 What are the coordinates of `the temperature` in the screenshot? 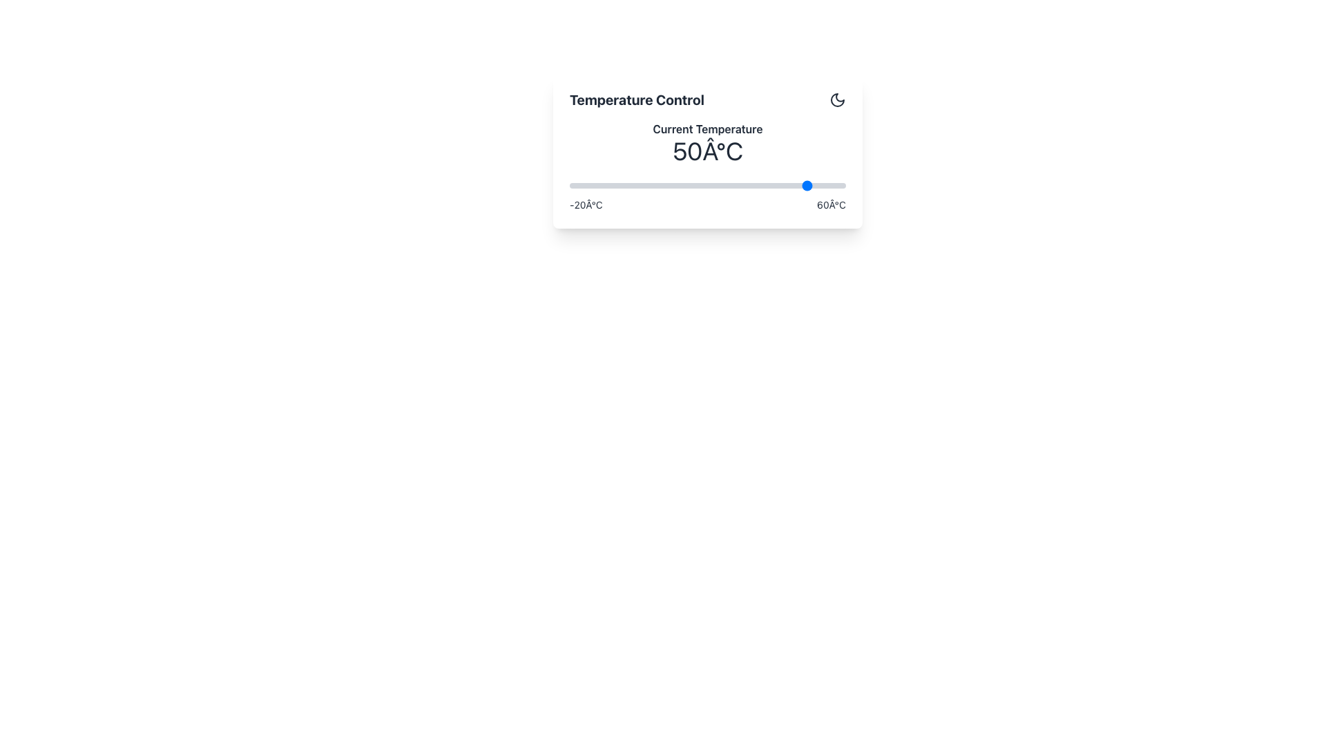 It's located at (648, 185).